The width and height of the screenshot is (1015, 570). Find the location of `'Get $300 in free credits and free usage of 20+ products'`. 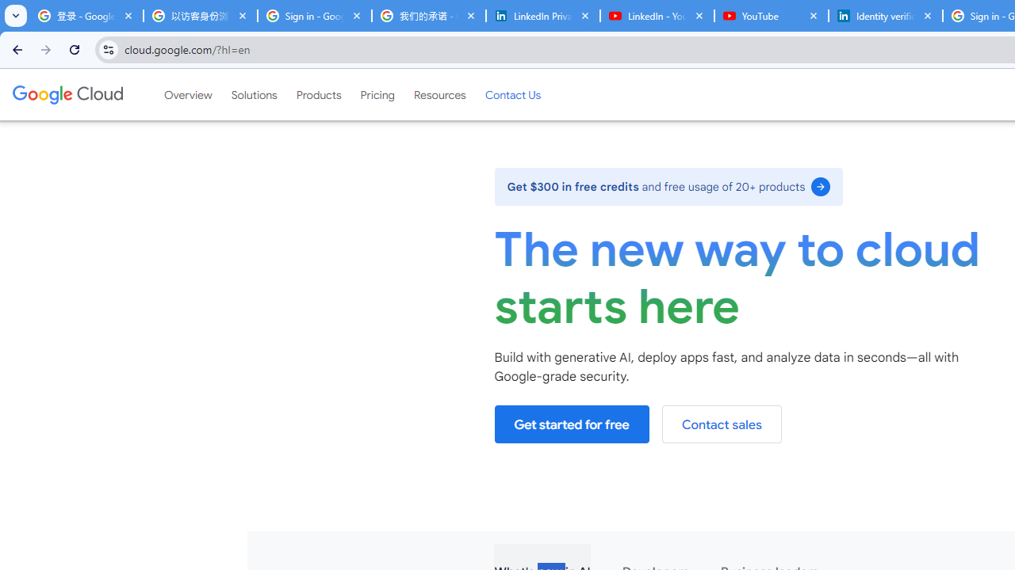

'Get $300 in free credits and free usage of 20+ products' is located at coordinates (668, 185).